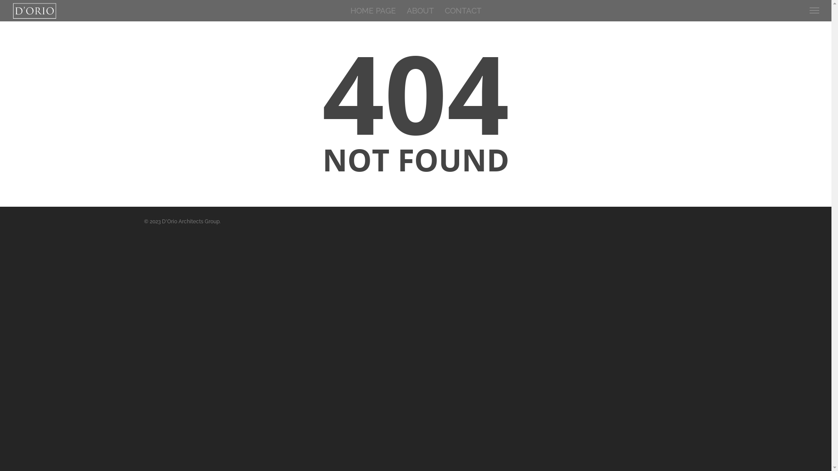 Image resolution: width=838 pixels, height=471 pixels. What do you see at coordinates (373, 12) in the screenshot?
I see `'HOME PAGE'` at bounding box center [373, 12].